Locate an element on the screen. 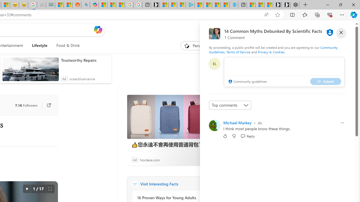 This screenshot has height=202, width=360. 'Microsoft Copilot in Bing' is located at coordinates (94, 5).